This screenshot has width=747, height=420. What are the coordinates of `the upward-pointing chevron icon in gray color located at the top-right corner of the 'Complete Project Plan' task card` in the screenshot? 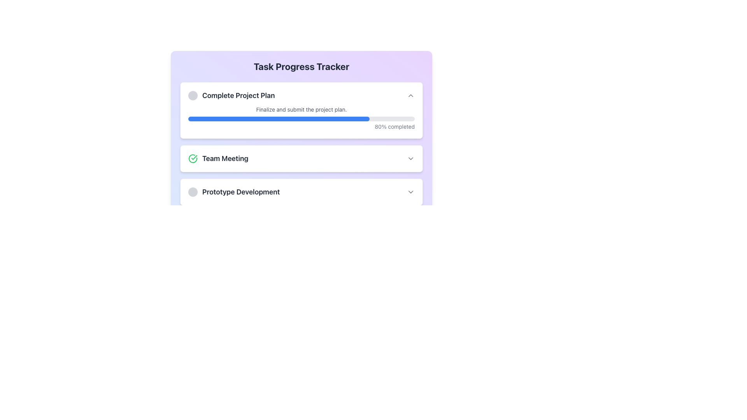 It's located at (410, 95).